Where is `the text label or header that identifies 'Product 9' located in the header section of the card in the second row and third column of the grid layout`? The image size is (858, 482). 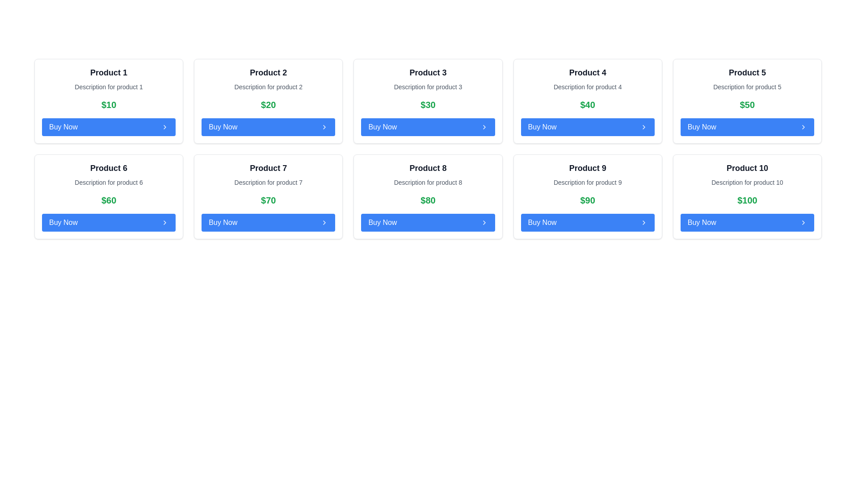 the text label or header that identifies 'Product 9' located in the header section of the card in the second row and third column of the grid layout is located at coordinates (588, 168).